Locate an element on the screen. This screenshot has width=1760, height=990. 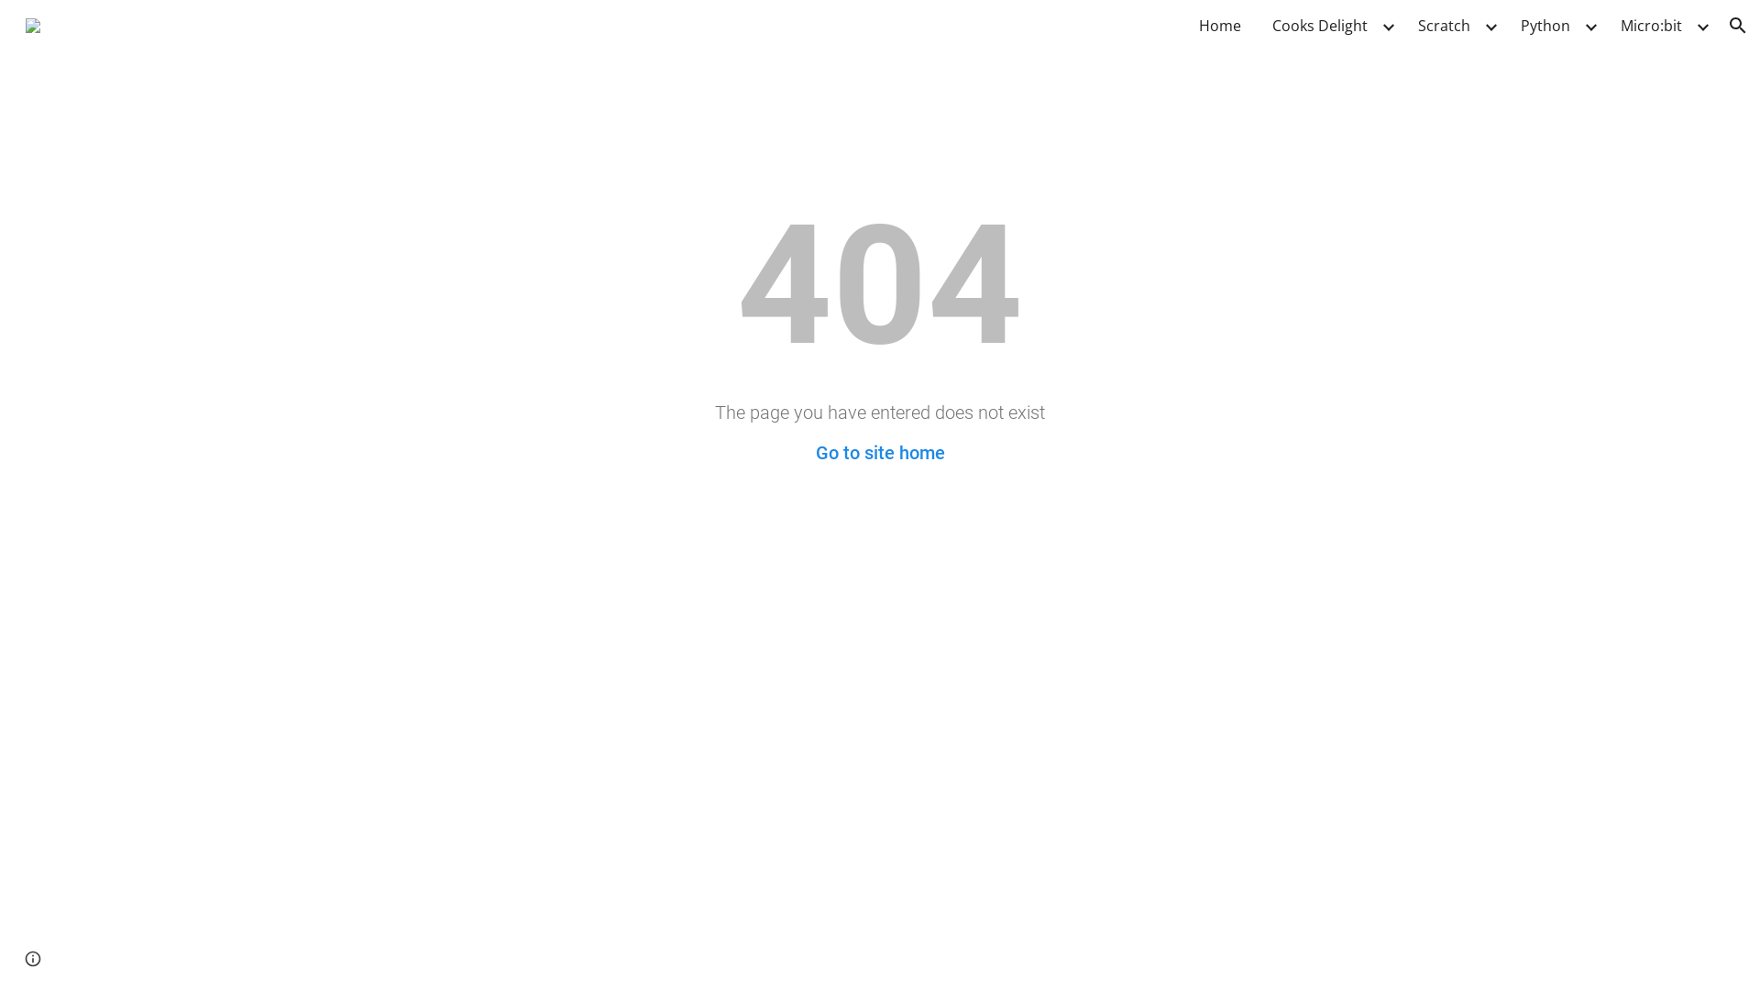
'Go to site home' is located at coordinates (880, 452).